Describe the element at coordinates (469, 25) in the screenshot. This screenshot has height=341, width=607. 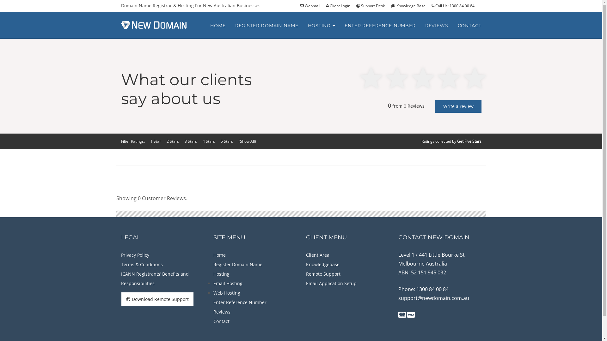
I see `'CONTACT'` at that location.